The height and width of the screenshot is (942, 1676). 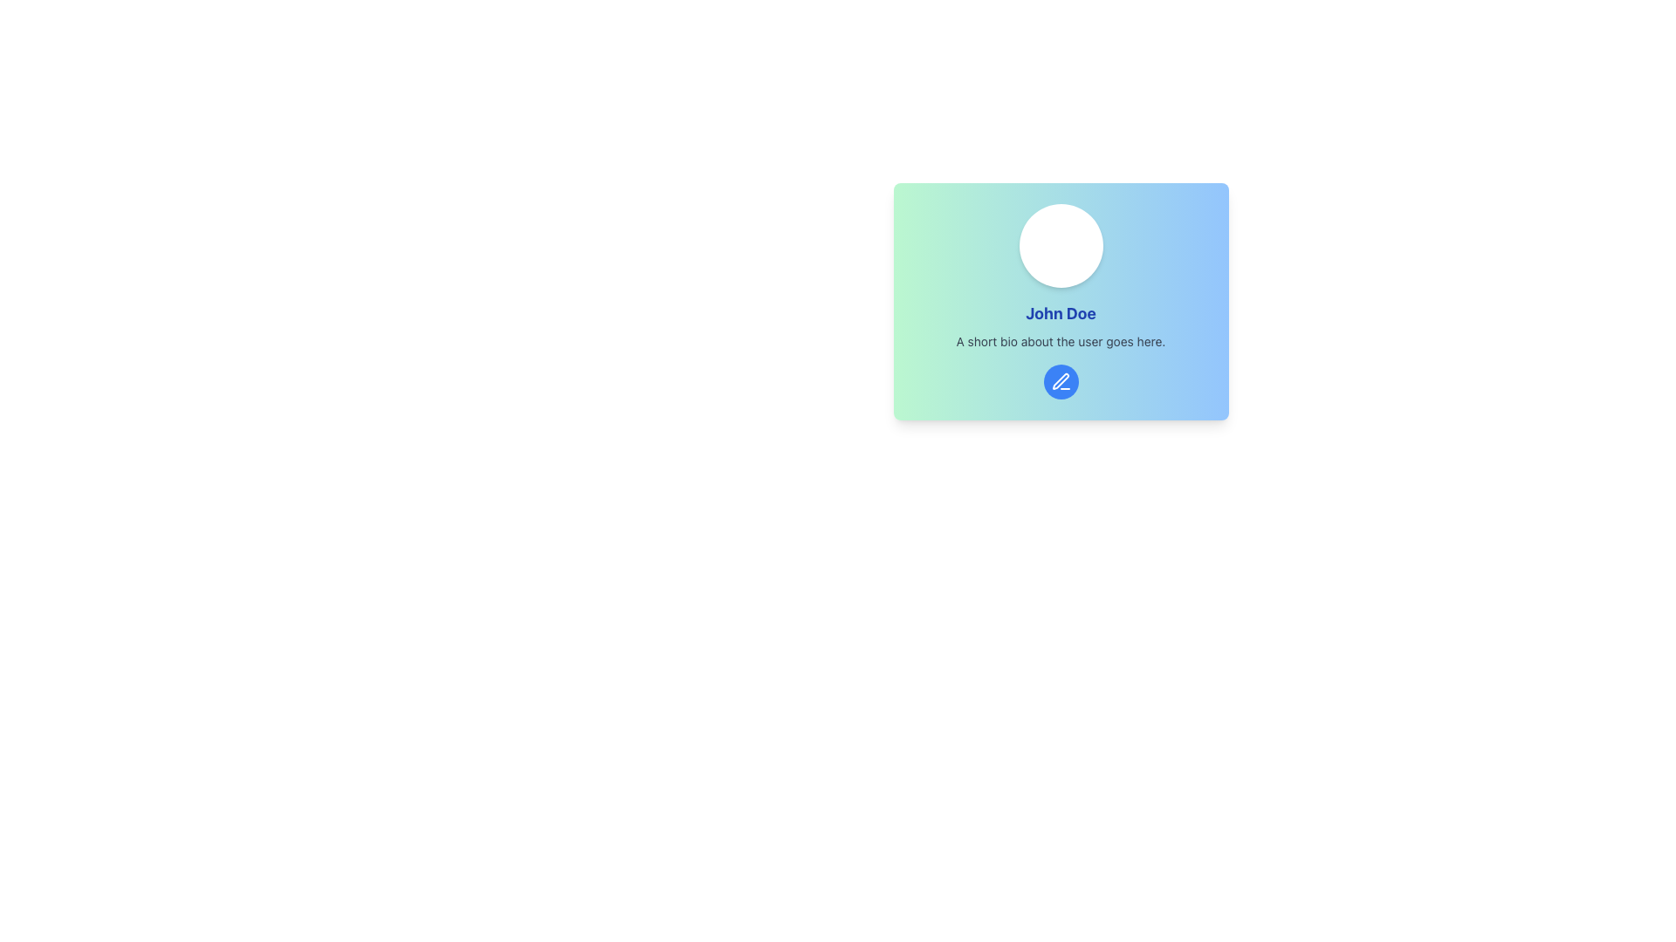 I want to click on text from the Text Label displaying 'John Doe', which is styled in bold and blue font, located in the center of a card layout below a profile image, so click(x=1060, y=312).